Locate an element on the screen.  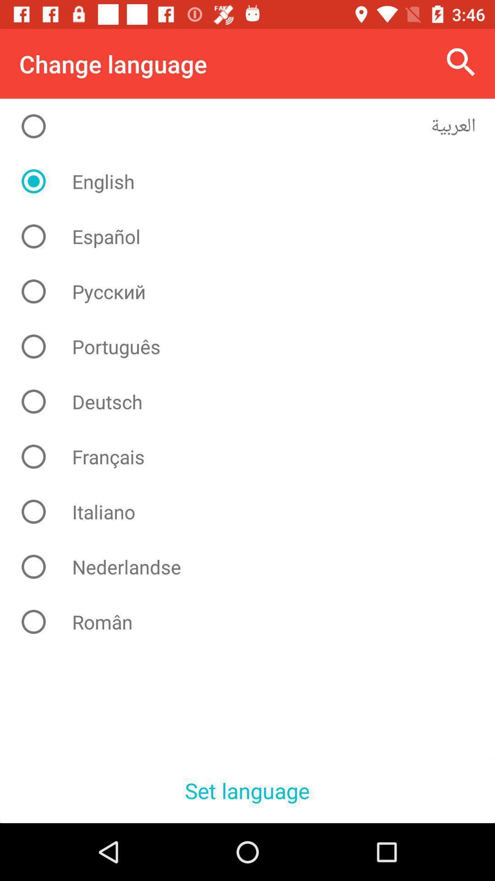
the icon above english is located at coordinates (254, 126).